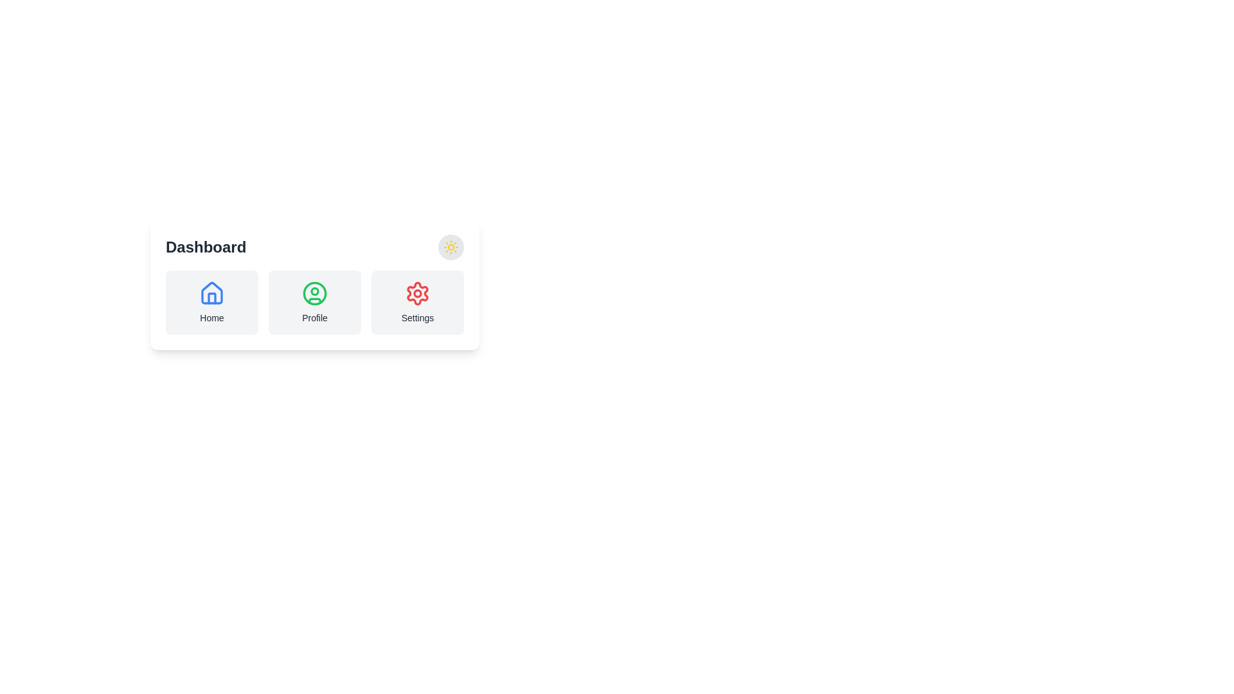 The image size is (1234, 694). I want to click on the user profile icon button located under the 'Dashboard' header, which is the second button from the left, so click(314, 293).